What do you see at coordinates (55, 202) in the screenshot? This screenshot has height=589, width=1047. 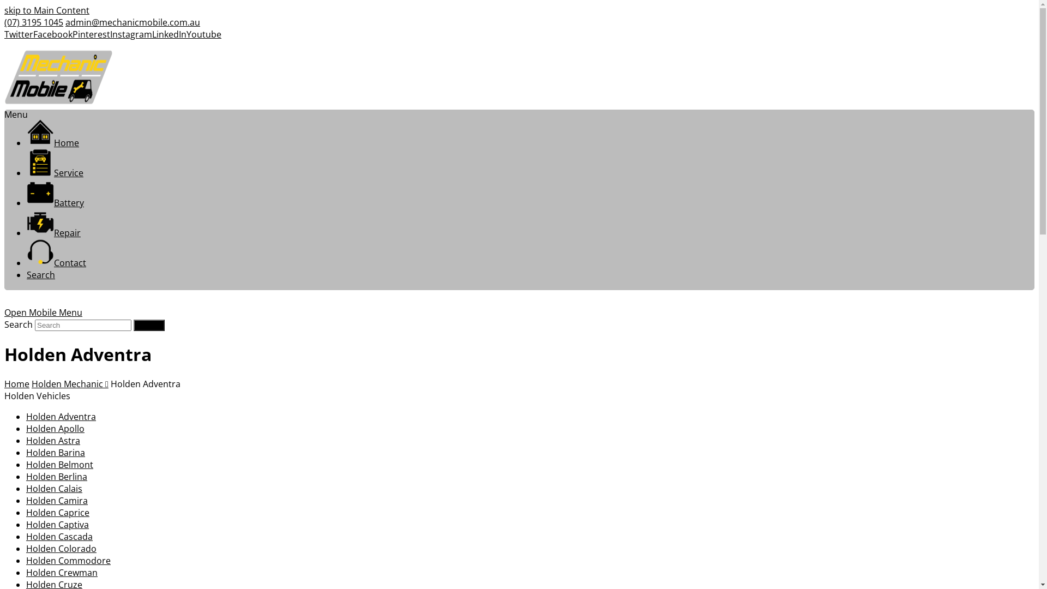 I see `'Battery'` at bounding box center [55, 202].